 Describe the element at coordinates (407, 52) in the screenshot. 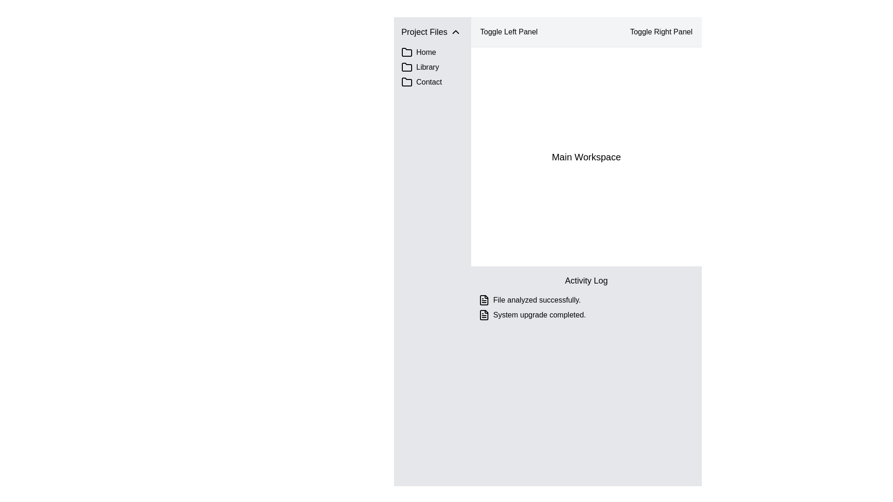

I see `the folder icon in the sidebar menu, which is the first visual component under the 'Project Files' header labeled 'Home'` at that location.